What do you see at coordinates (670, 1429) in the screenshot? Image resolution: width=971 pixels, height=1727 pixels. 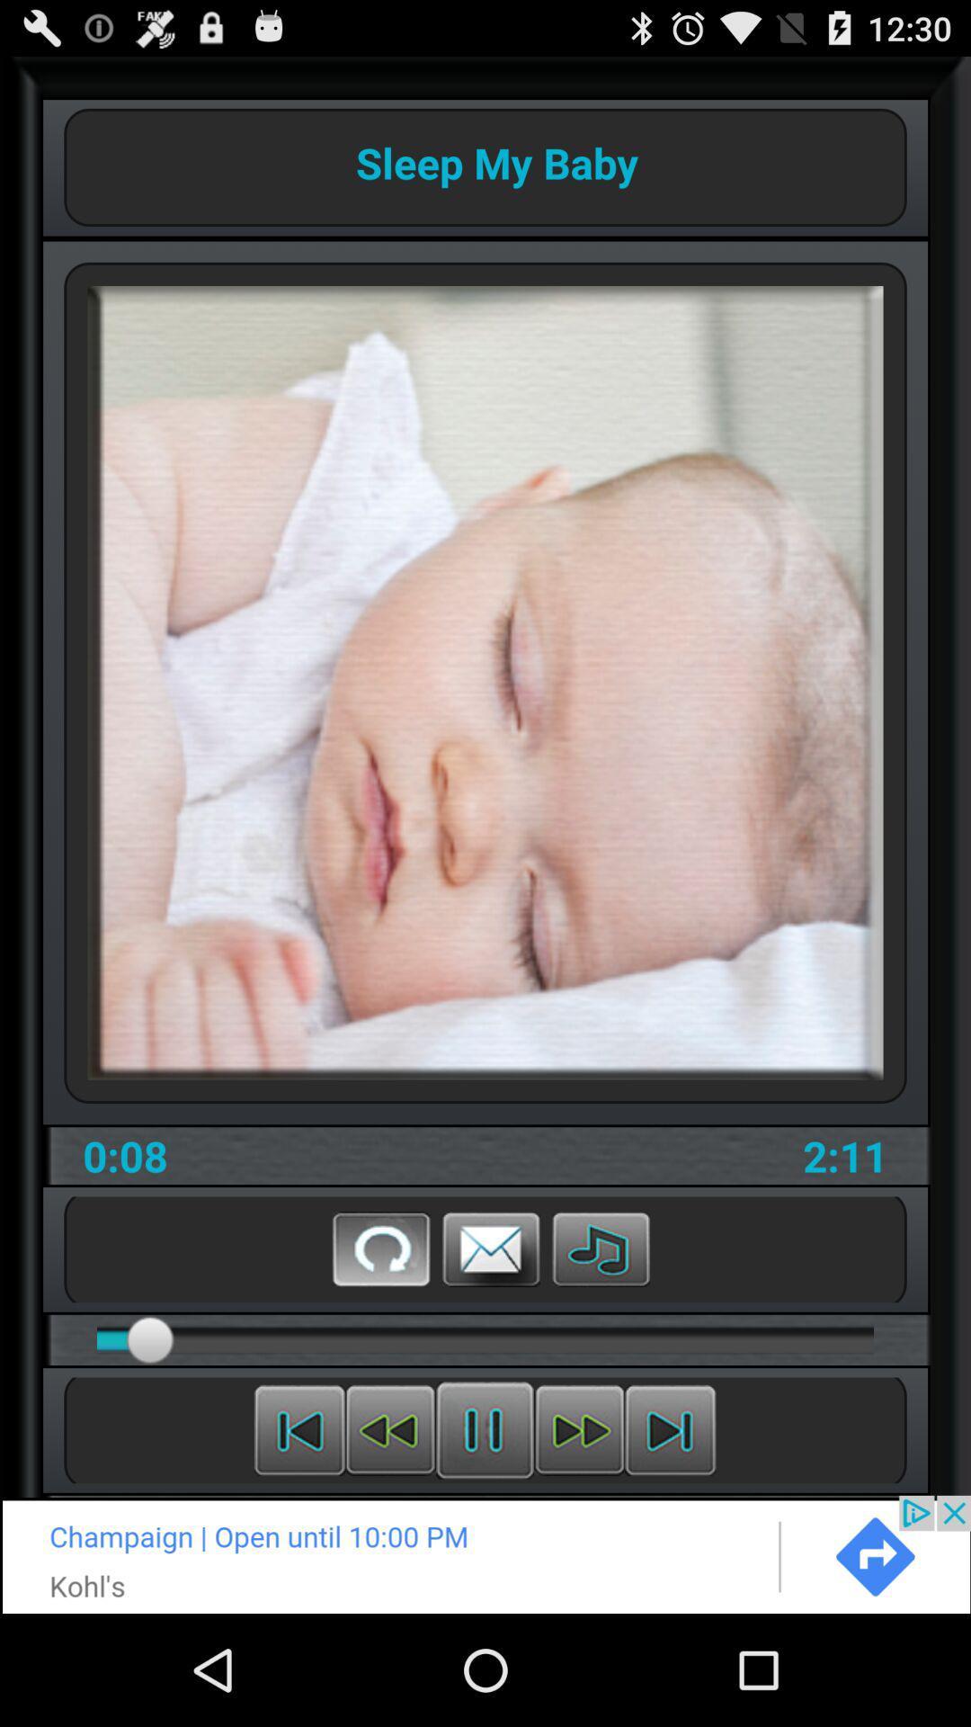 I see `skip to next audio` at bounding box center [670, 1429].